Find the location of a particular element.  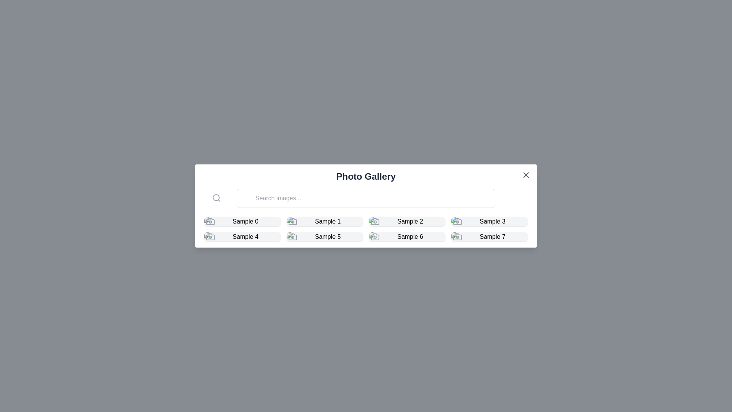

the close icon located at the top-right corner of the header section is located at coordinates (526, 175).